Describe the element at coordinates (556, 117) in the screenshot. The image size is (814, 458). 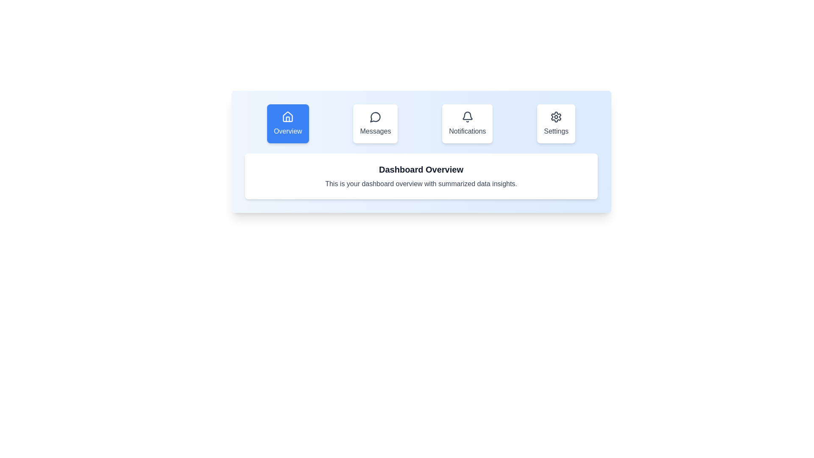
I see `the gear-like icon in the Settings section` at that location.